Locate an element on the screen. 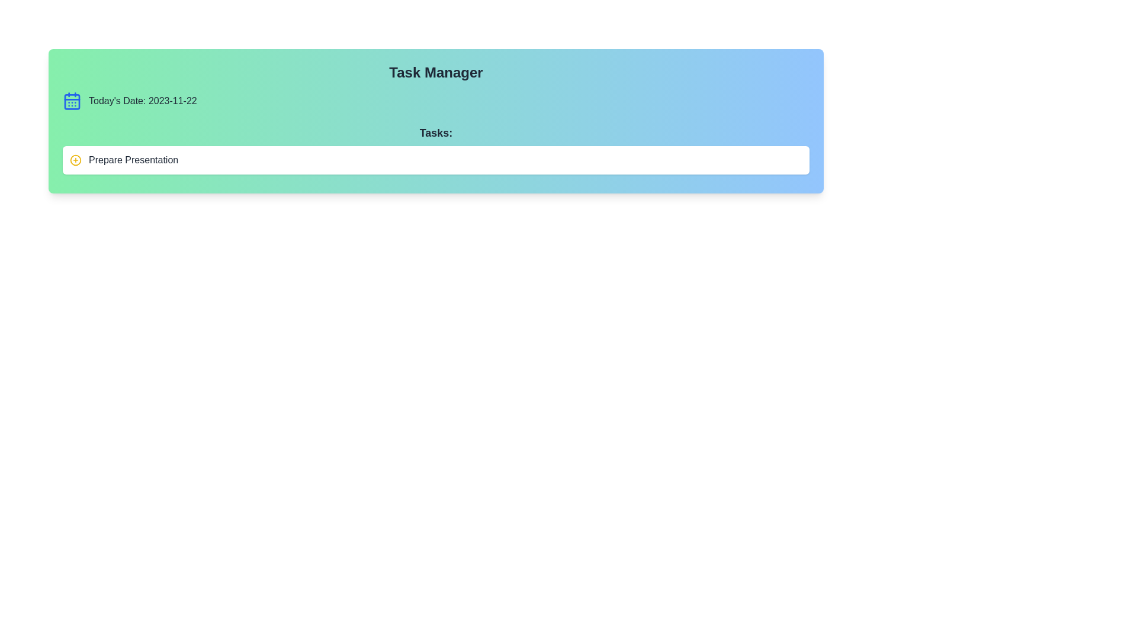 This screenshot has height=639, width=1137. the icon located on the left side of the 'Prepare Presentation' block is located at coordinates (75, 160).